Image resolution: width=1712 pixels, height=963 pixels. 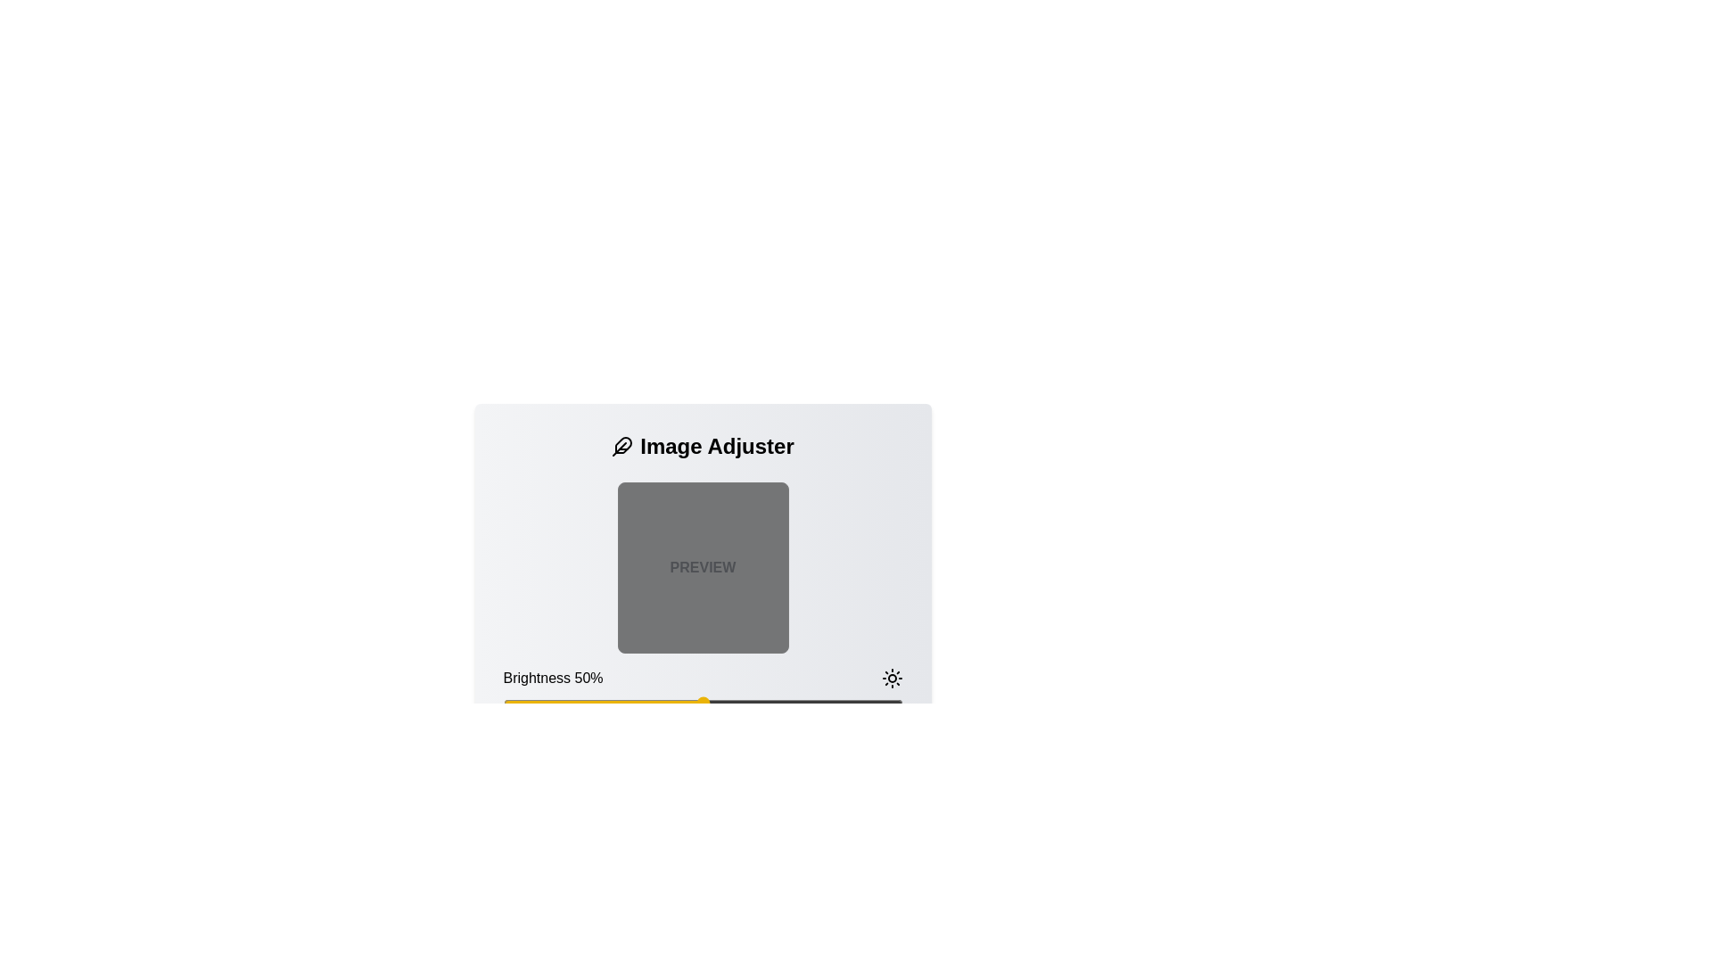 What do you see at coordinates (542, 703) in the screenshot?
I see `the brightness level` at bounding box center [542, 703].